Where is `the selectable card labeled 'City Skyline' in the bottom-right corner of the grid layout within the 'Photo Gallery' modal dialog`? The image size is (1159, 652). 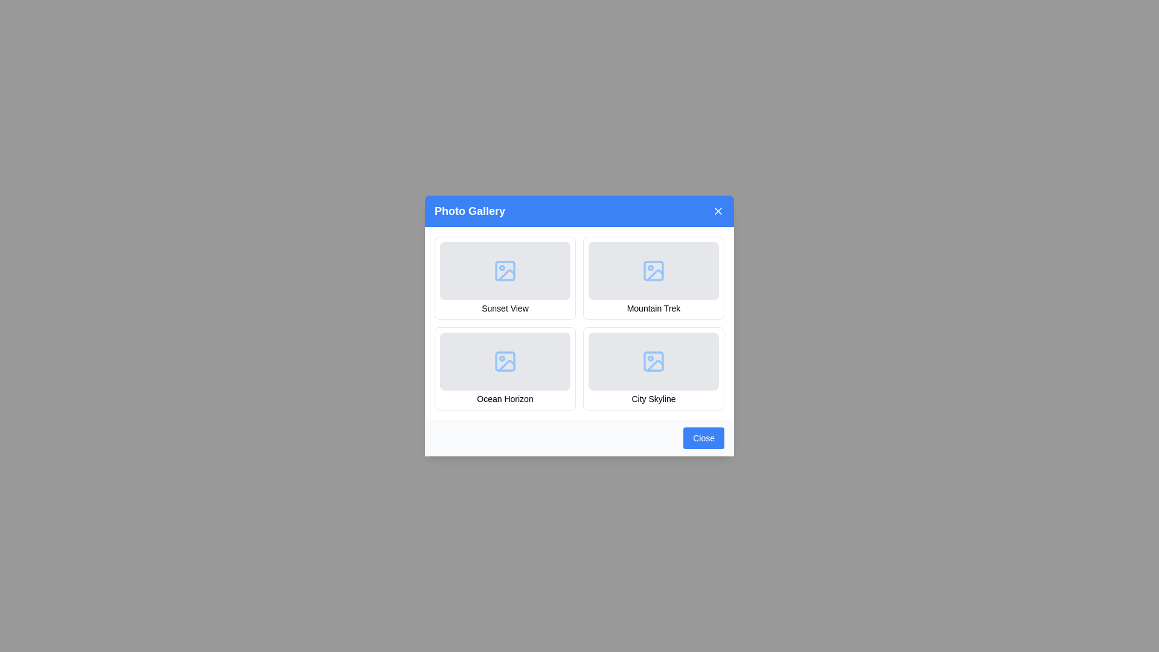 the selectable card labeled 'City Skyline' in the bottom-right corner of the grid layout within the 'Photo Gallery' modal dialog is located at coordinates (653, 368).